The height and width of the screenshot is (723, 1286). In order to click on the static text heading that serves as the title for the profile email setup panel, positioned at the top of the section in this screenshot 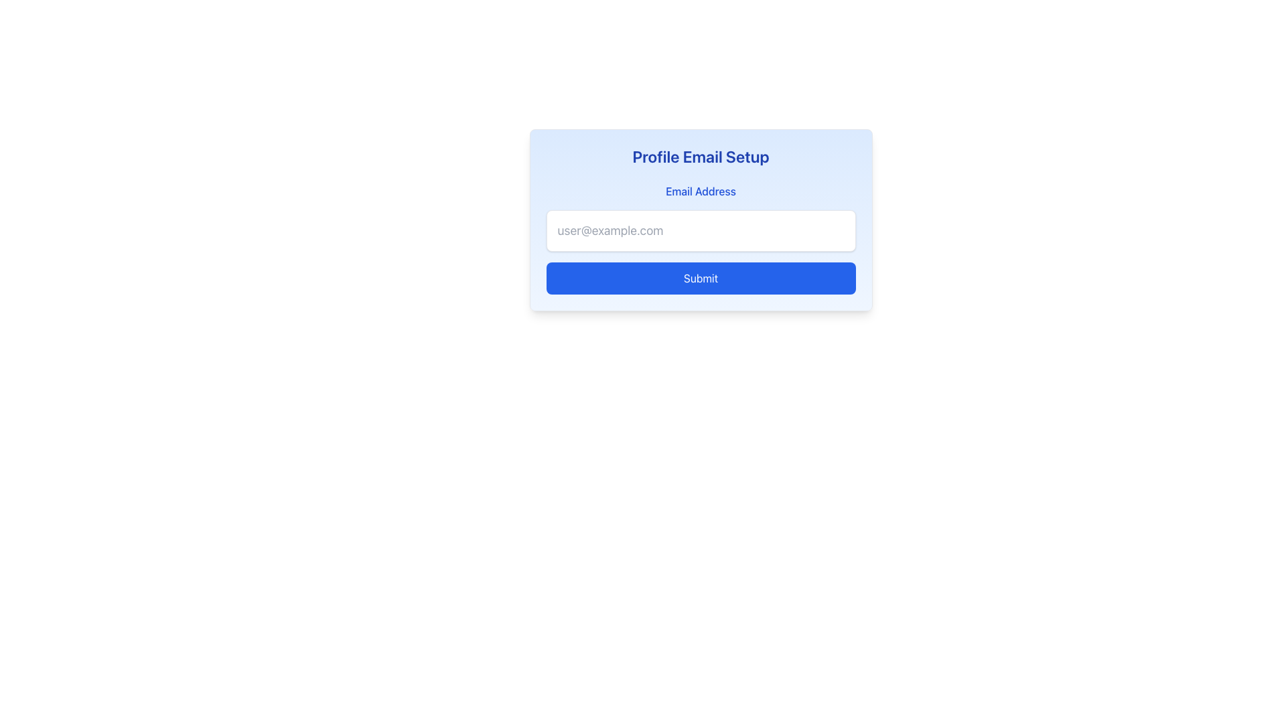, I will do `click(700, 156)`.